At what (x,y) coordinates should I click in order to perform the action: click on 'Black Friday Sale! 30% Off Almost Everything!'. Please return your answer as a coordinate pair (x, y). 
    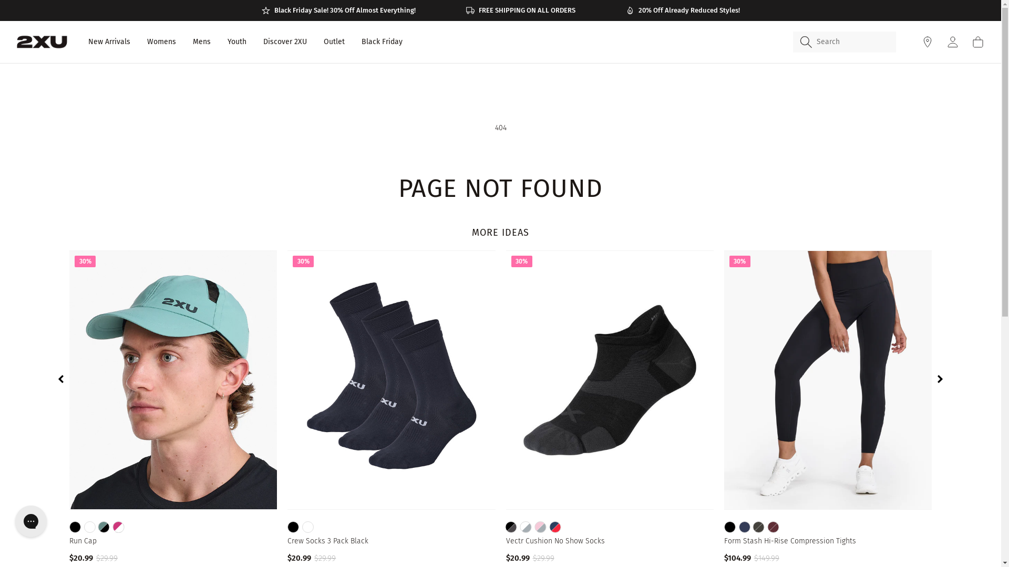
    Looking at the image, I should click on (338, 10).